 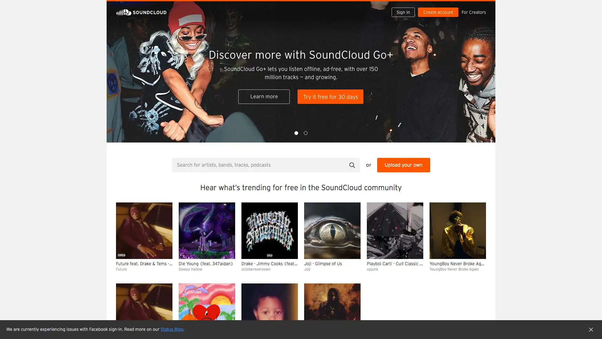 I want to click on Clear, so click(x=465, y=171).